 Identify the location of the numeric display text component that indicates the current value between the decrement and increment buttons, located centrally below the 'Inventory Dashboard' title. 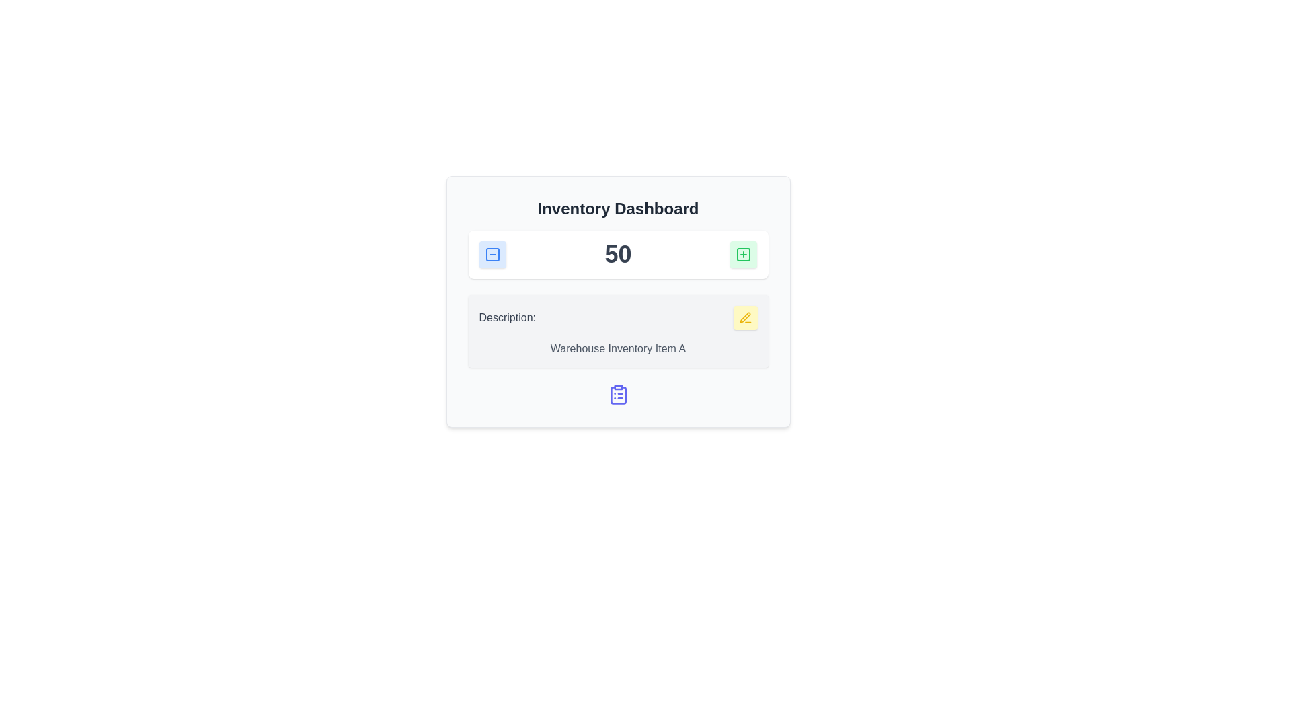
(617, 254).